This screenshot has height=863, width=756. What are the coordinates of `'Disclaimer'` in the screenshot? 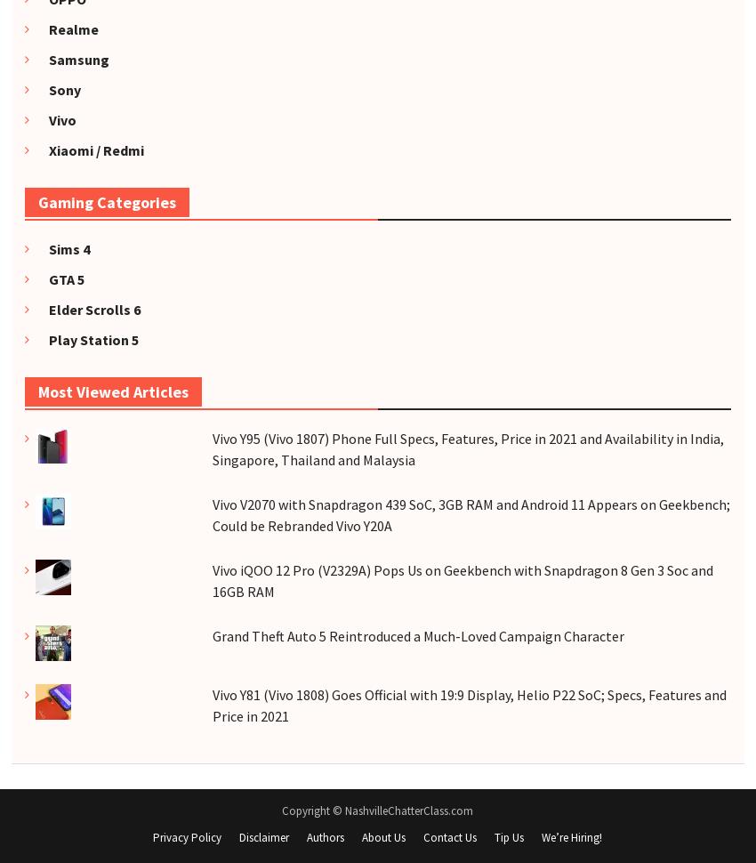 It's located at (262, 835).